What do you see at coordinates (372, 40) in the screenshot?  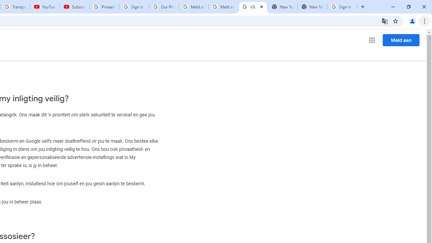 I see `'Google-programme'` at bounding box center [372, 40].